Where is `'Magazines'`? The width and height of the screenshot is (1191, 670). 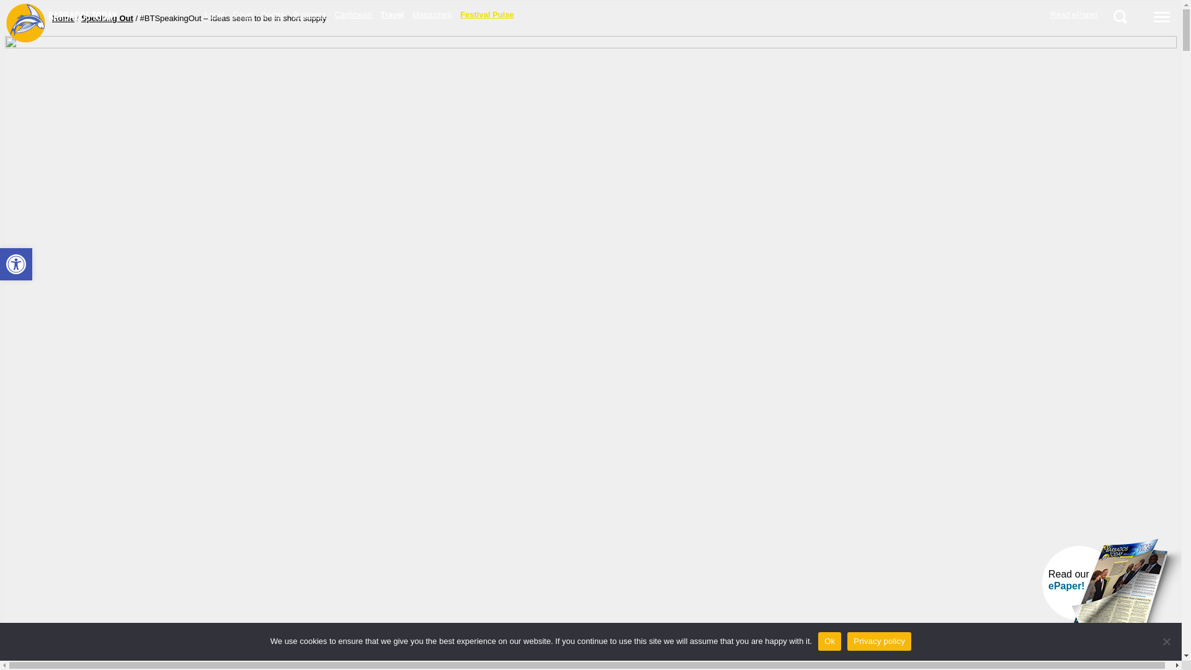 'Magazines' is located at coordinates (432, 14).